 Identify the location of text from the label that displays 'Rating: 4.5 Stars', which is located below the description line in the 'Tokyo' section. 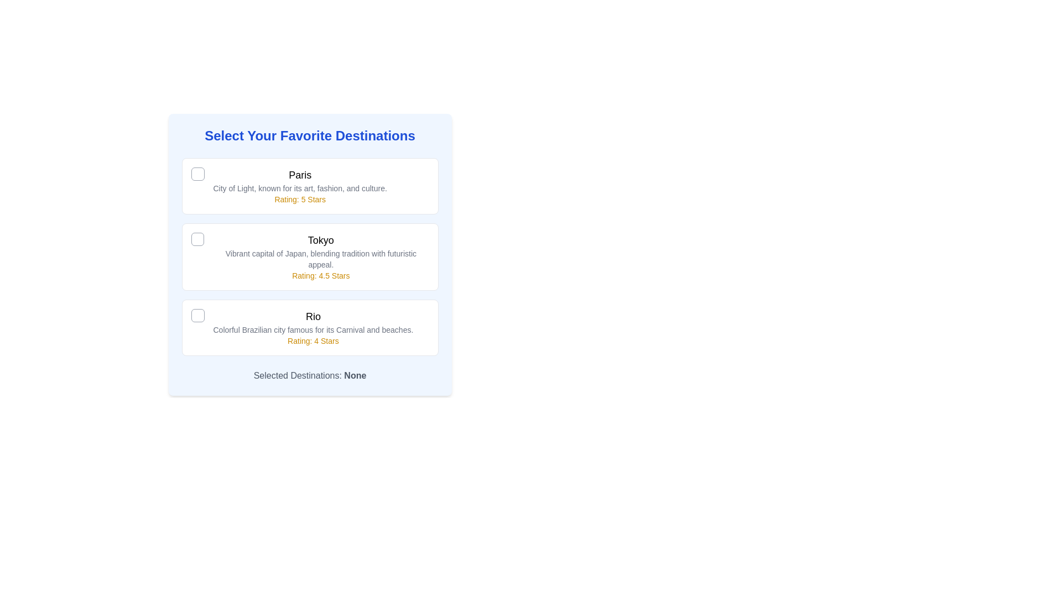
(320, 275).